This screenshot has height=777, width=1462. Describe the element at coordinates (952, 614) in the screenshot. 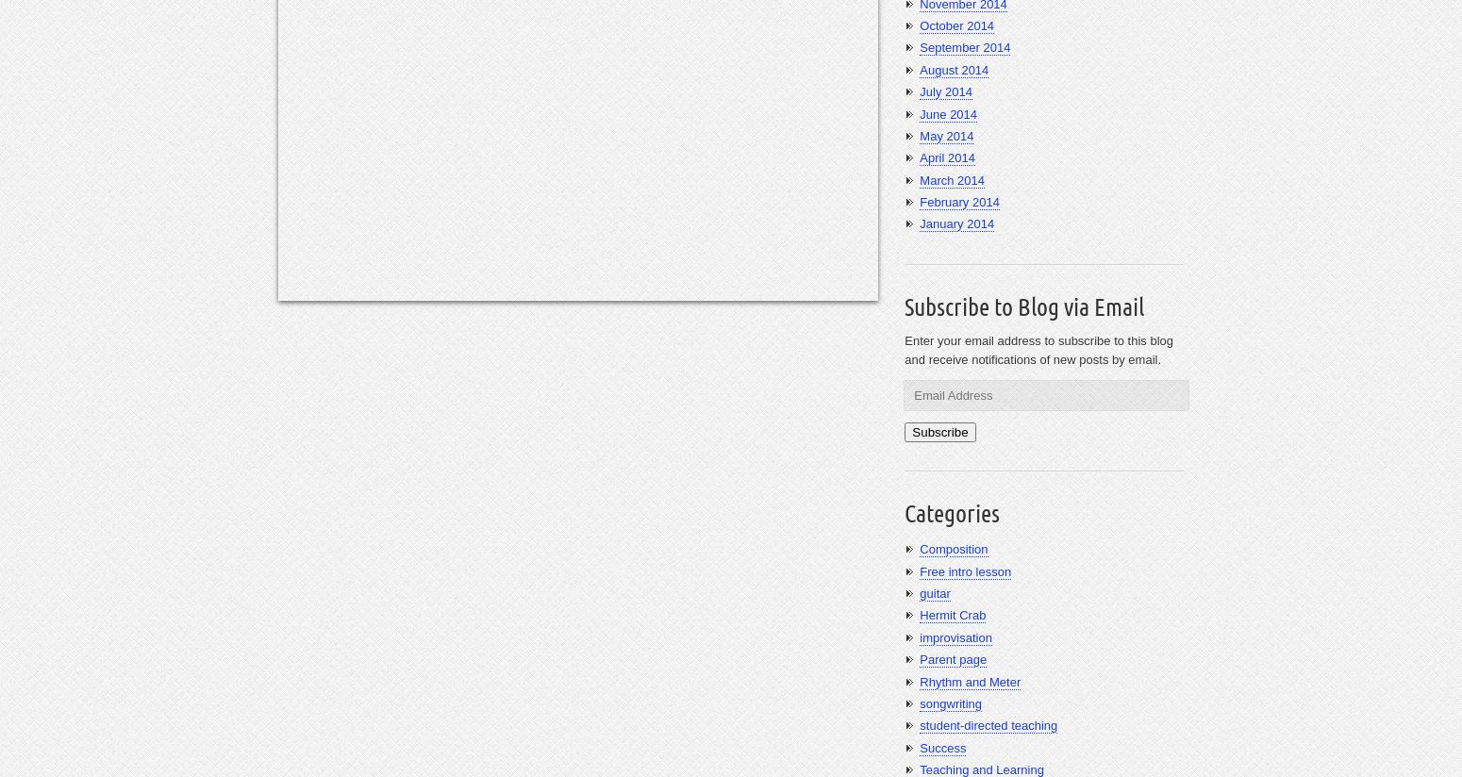

I see `'Hermit Crab'` at that location.